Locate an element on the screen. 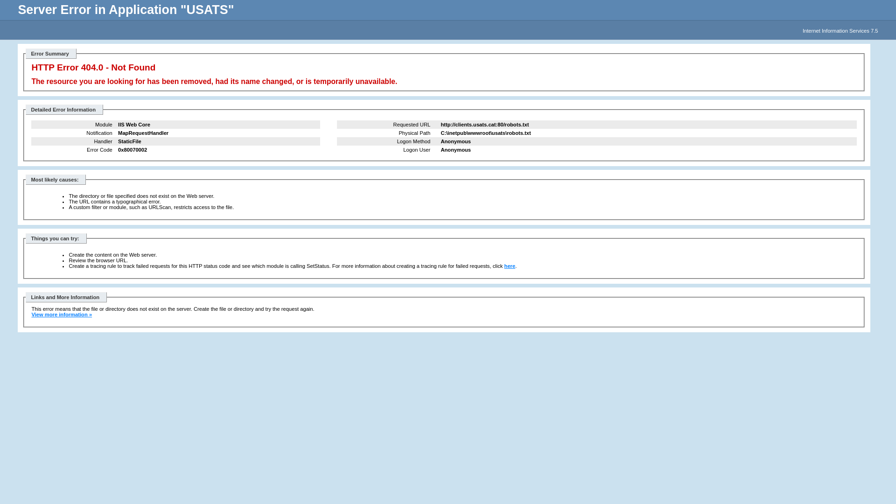 This screenshot has height=504, width=896. 'here' is located at coordinates (510, 266).